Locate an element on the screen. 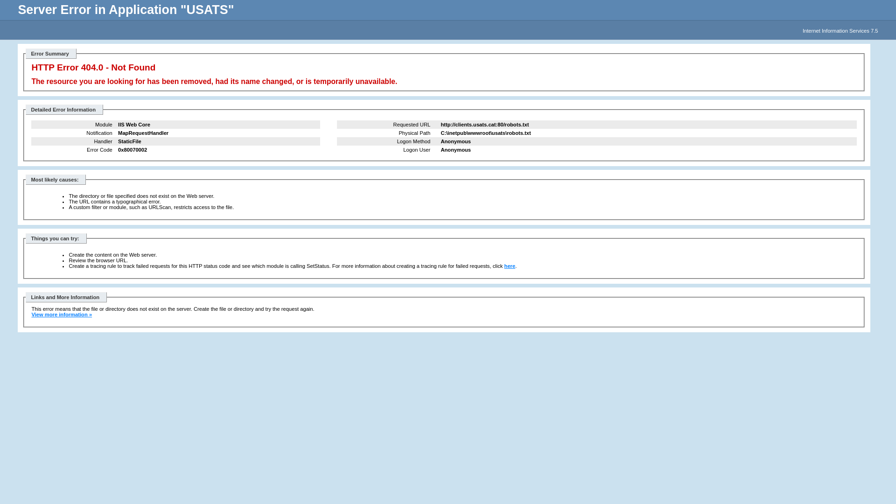 This screenshot has height=504, width=896. 'here' is located at coordinates (510, 266).